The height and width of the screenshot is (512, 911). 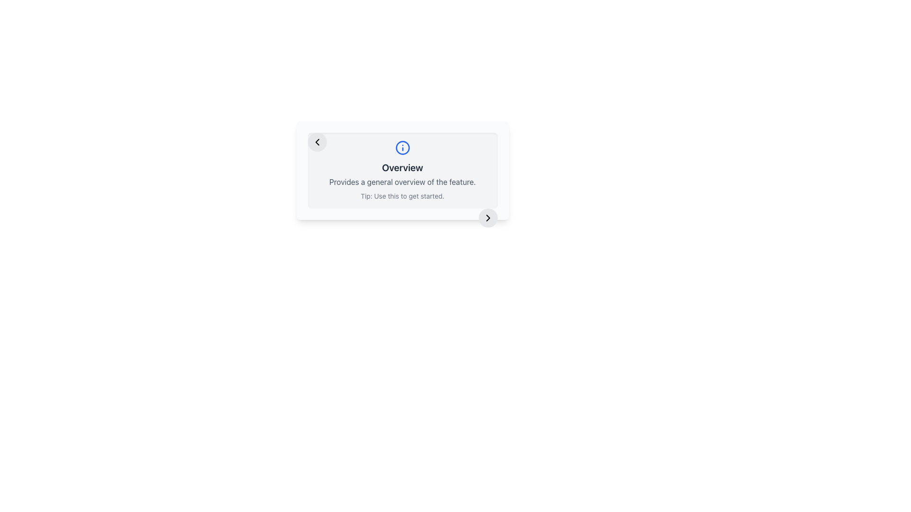 I want to click on the circular button with a light gray background and a right-facing chevron icon, so click(x=488, y=218).